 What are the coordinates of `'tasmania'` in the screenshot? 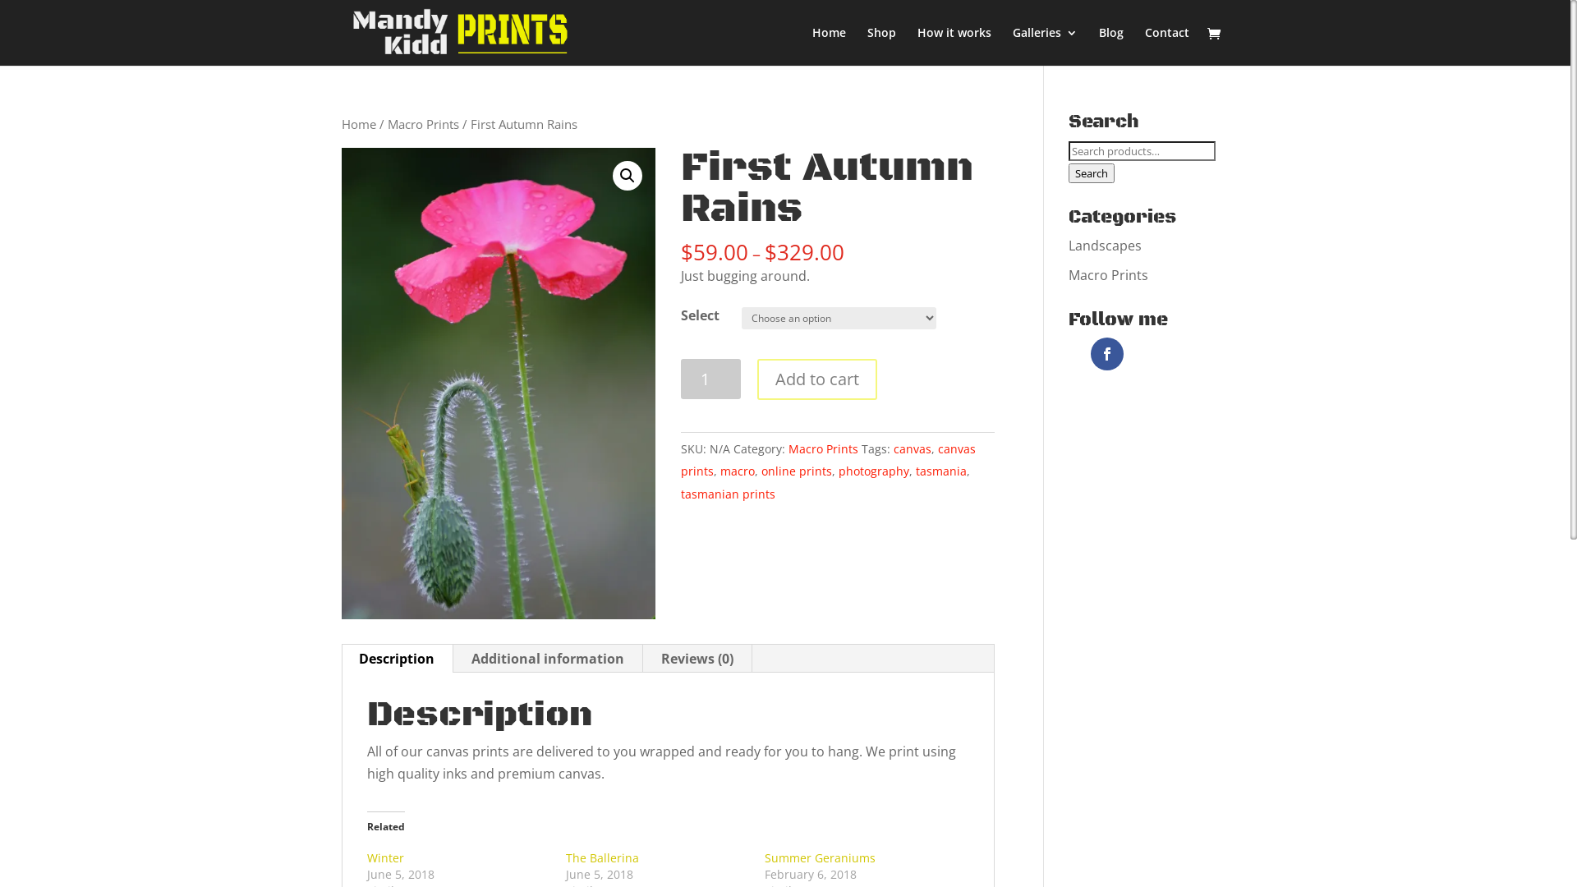 It's located at (941, 471).